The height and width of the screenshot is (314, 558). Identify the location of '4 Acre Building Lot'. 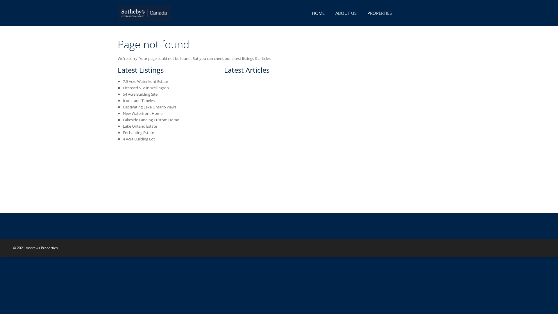
(139, 139).